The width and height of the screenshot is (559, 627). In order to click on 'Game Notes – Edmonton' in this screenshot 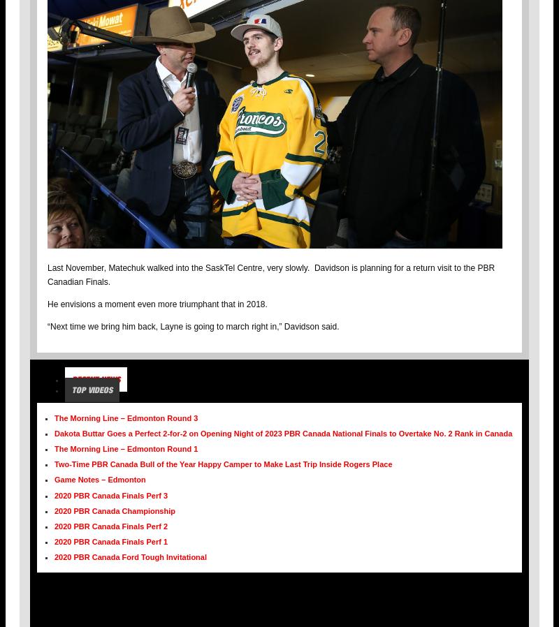, I will do `click(100, 478)`.